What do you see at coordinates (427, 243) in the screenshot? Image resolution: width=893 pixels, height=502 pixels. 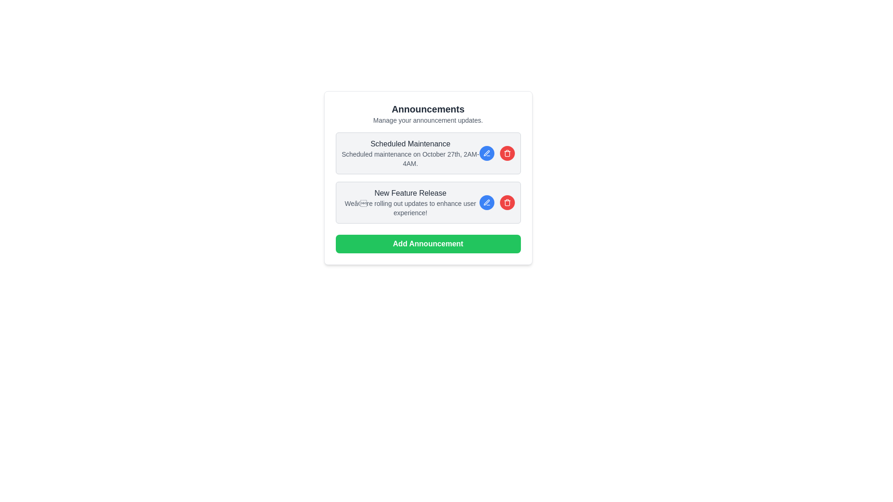 I see `the 'Add New Announcement' button located at the bottom of the announcements section` at bounding box center [427, 243].